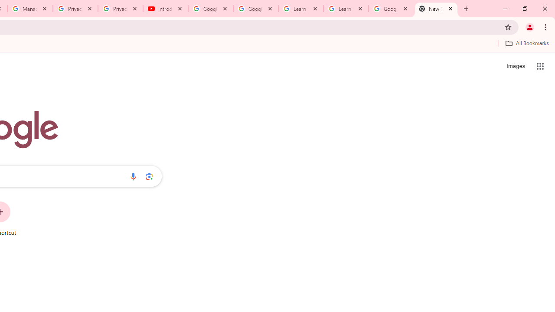  I want to click on 'Google Account', so click(390, 9).